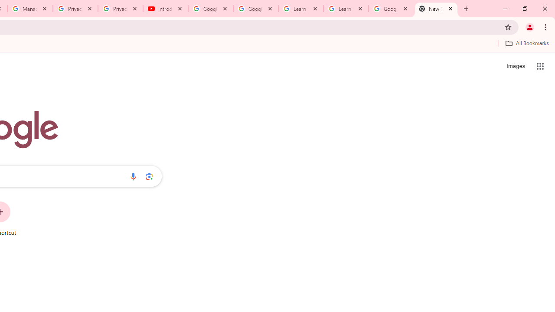  I want to click on 'Google Account', so click(390, 9).